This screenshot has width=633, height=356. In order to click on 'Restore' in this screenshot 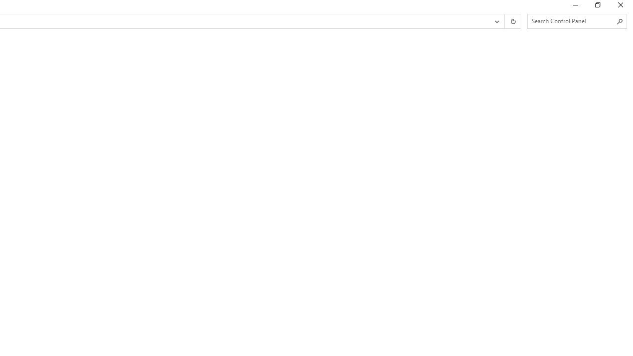, I will do `click(597, 7)`.